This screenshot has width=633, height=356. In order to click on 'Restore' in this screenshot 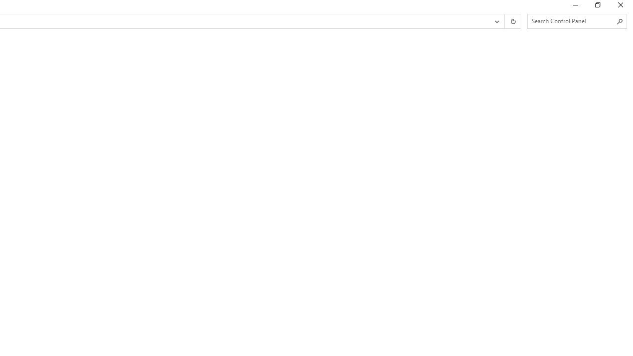, I will do `click(597, 7)`.